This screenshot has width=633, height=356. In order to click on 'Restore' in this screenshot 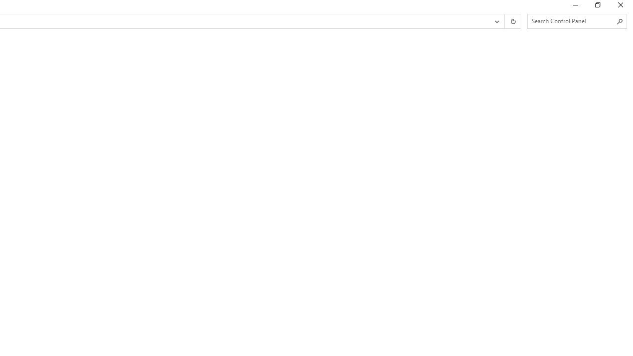, I will do `click(597, 7)`.